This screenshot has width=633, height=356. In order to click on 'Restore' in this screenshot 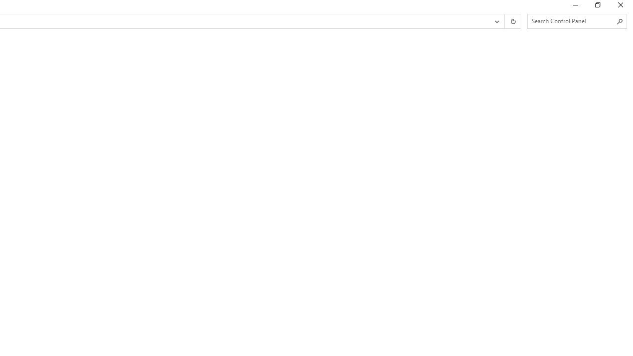, I will do `click(597, 7)`.